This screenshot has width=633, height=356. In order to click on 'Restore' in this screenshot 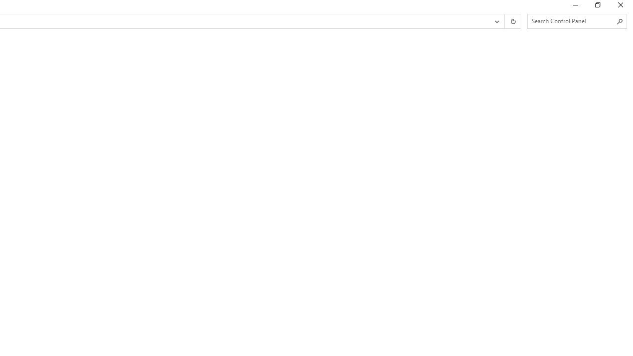, I will do `click(597, 7)`.